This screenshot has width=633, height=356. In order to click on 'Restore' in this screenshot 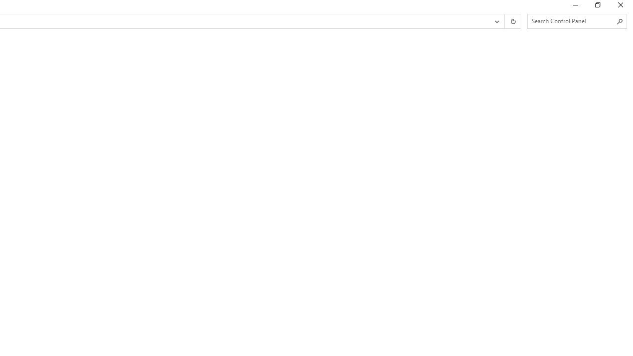, I will do `click(597, 7)`.